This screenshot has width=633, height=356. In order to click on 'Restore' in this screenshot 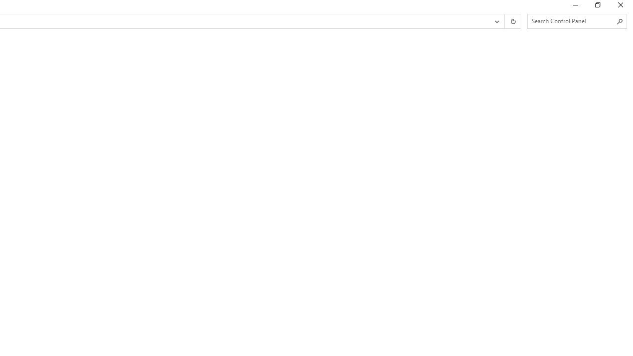, I will do `click(597, 7)`.